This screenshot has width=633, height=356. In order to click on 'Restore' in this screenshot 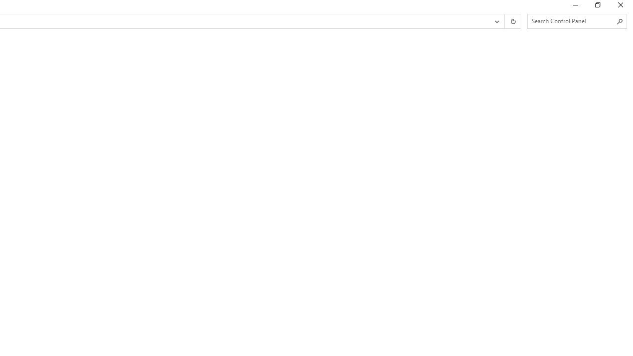, I will do `click(597, 7)`.